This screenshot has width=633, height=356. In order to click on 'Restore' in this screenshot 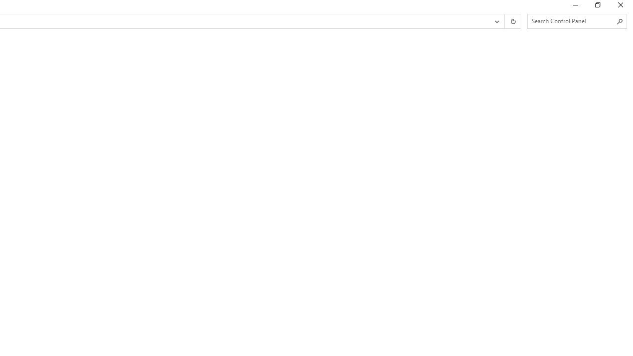, I will do `click(597, 7)`.